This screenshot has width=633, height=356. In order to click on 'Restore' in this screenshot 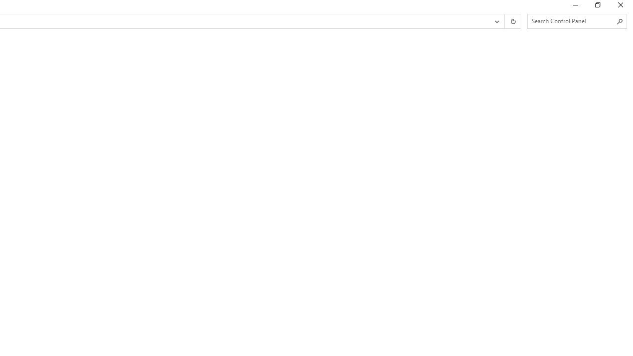, I will do `click(597, 7)`.